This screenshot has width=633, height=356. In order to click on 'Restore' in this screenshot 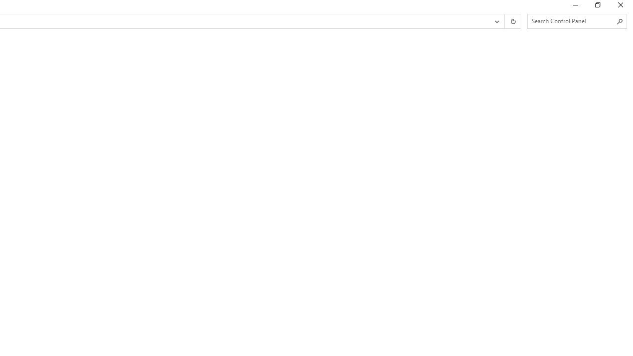, I will do `click(597, 7)`.